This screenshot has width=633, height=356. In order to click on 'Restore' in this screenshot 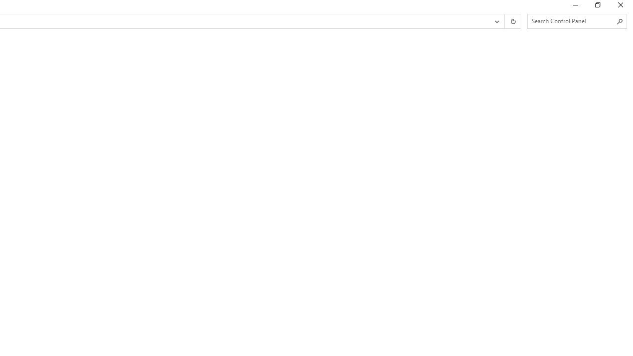, I will do `click(597, 7)`.